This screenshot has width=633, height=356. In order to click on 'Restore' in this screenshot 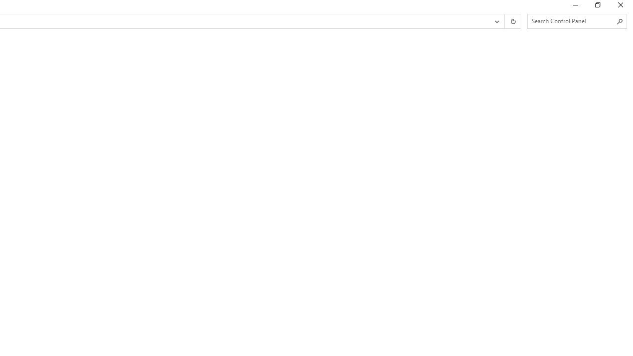, I will do `click(597, 7)`.